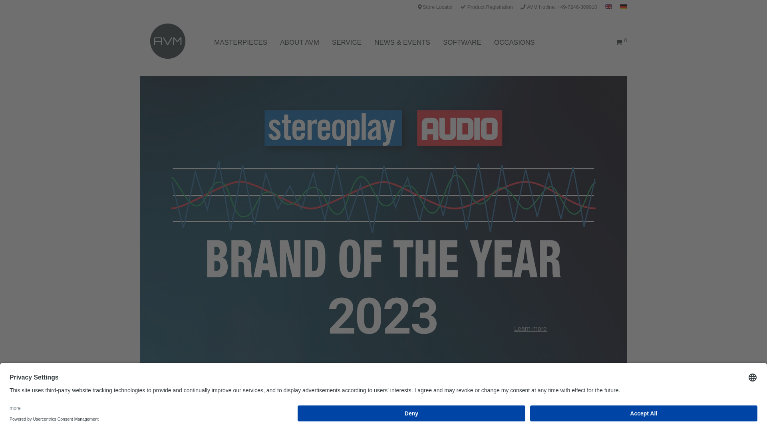 This screenshot has height=431, width=767. What do you see at coordinates (596, 393) in the screenshot?
I see `'Search'` at bounding box center [596, 393].